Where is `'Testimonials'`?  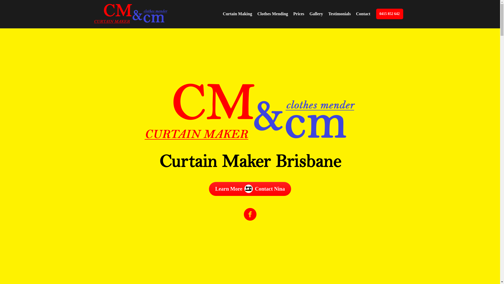 'Testimonials' is located at coordinates (340, 14).